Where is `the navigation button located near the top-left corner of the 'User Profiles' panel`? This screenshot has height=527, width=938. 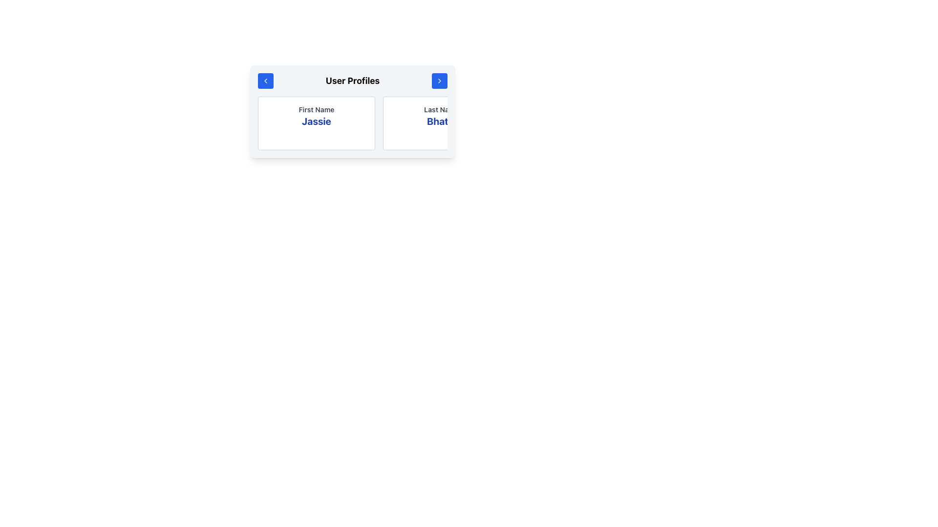 the navigation button located near the top-left corner of the 'User Profiles' panel is located at coordinates (265, 80).